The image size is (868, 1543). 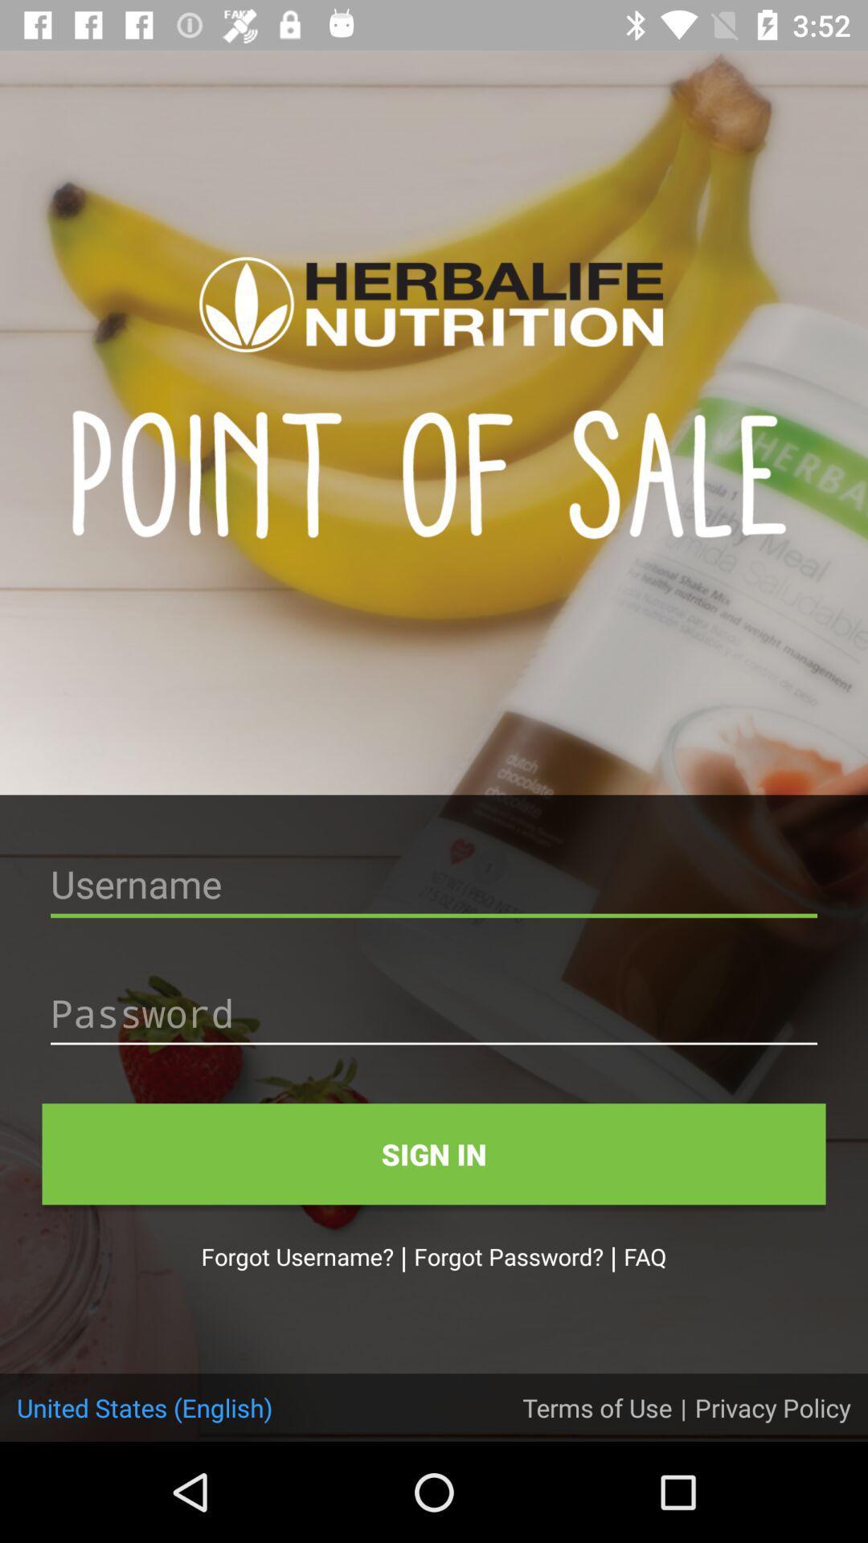 What do you see at coordinates (644, 1255) in the screenshot?
I see `icon above terms of use icon` at bounding box center [644, 1255].